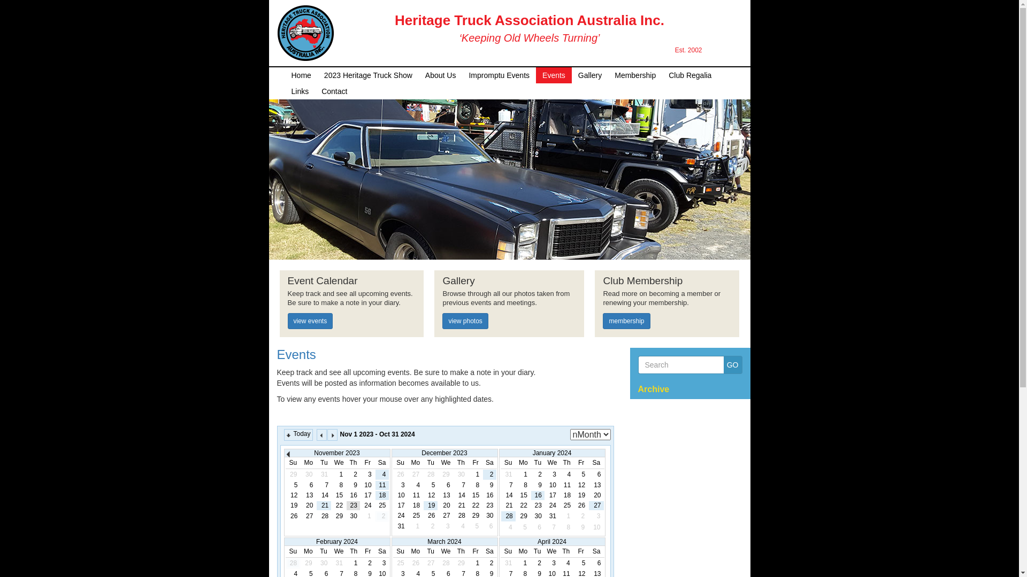 This screenshot has width=1027, height=577. What do you see at coordinates (308, 495) in the screenshot?
I see `'13'` at bounding box center [308, 495].